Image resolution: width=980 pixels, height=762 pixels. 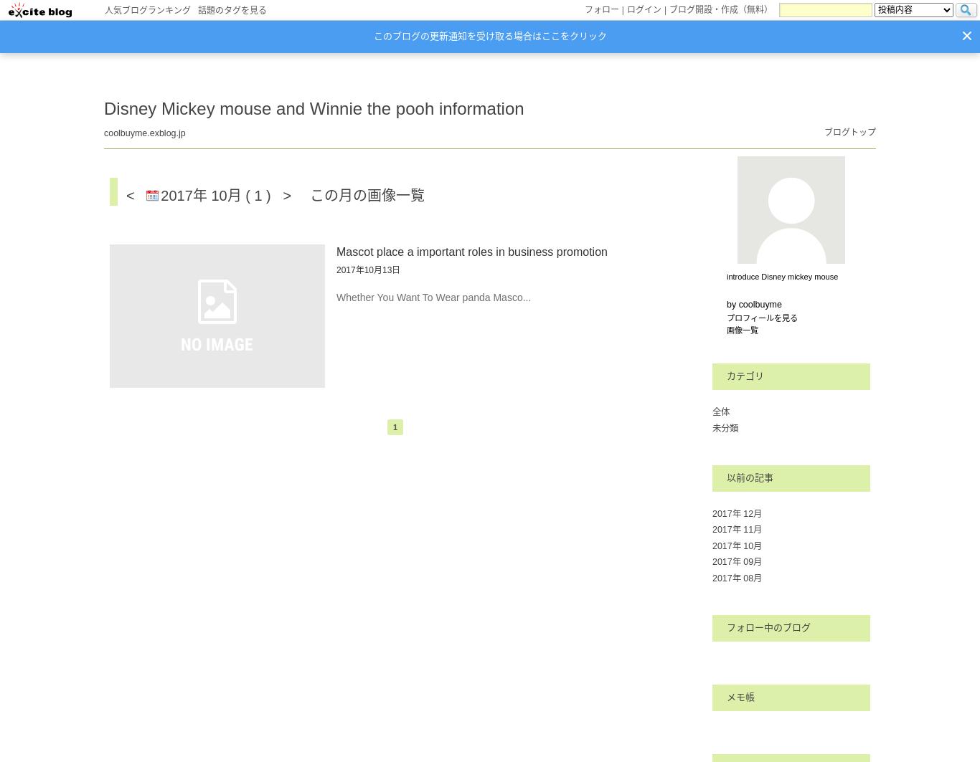 I want to click on 'introduce Disney mickey mouse', so click(x=727, y=276).